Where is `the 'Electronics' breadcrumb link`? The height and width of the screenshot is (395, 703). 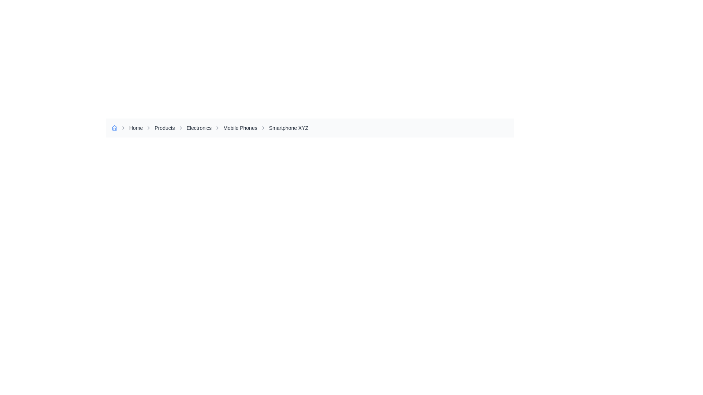 the 'Electronics' breadcrumb link is located at coordinates (194, 128).